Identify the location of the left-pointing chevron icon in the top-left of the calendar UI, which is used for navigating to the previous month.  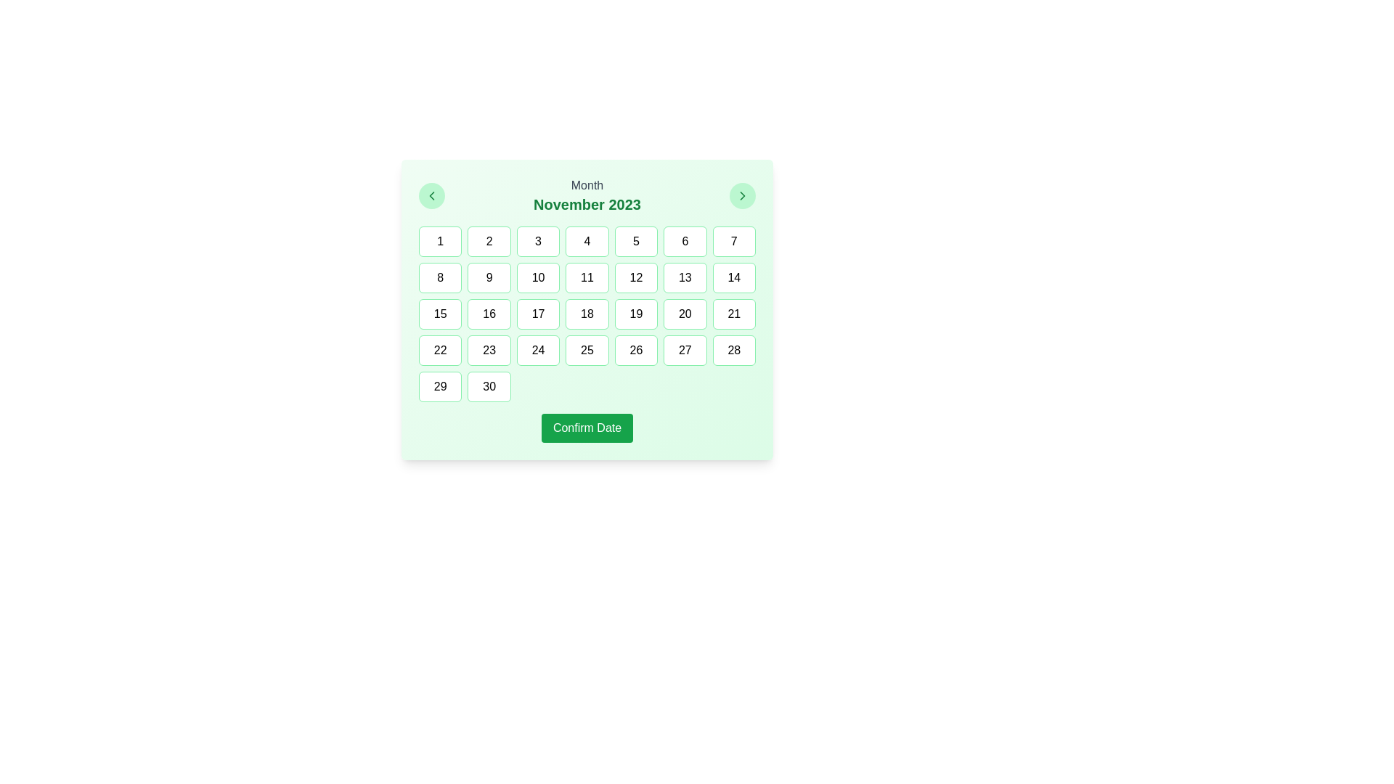
(431, 196).